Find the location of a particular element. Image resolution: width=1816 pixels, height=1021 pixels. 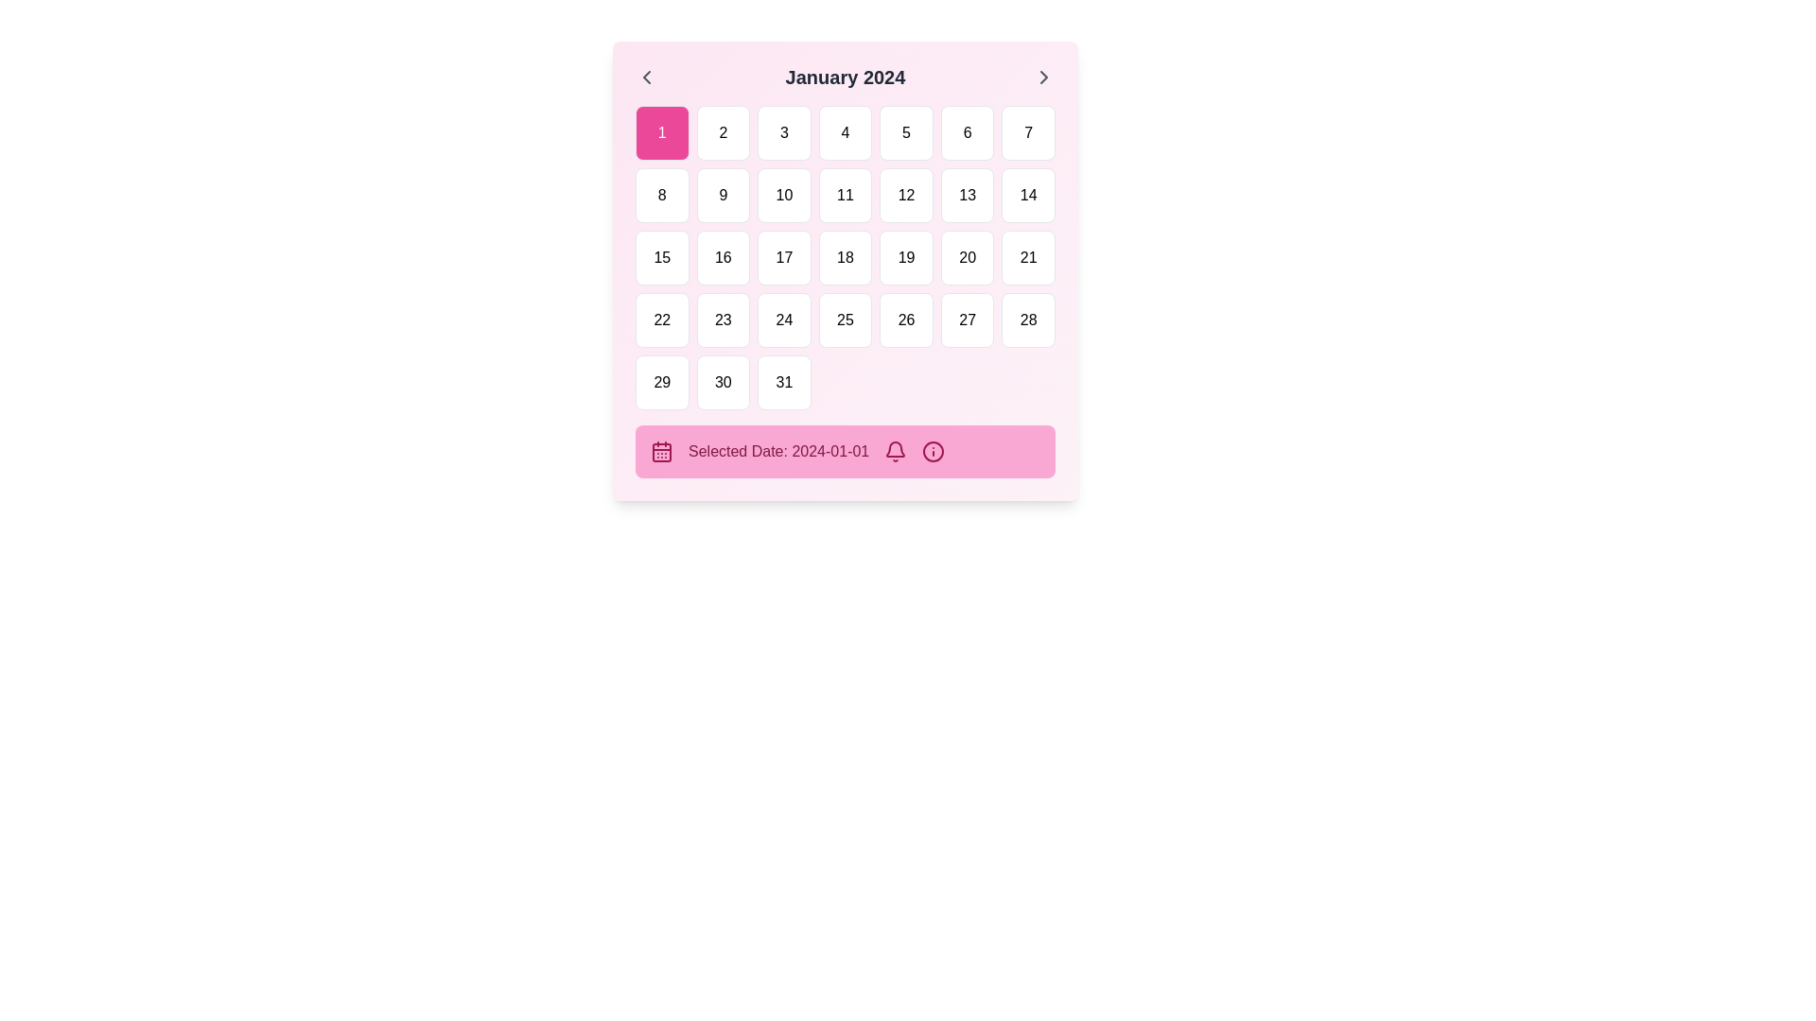

the bright pink circular icon button with an 'i' symbol in the center, located on the far right of the footer in the date picker interface is located at coordinates (934, 452).